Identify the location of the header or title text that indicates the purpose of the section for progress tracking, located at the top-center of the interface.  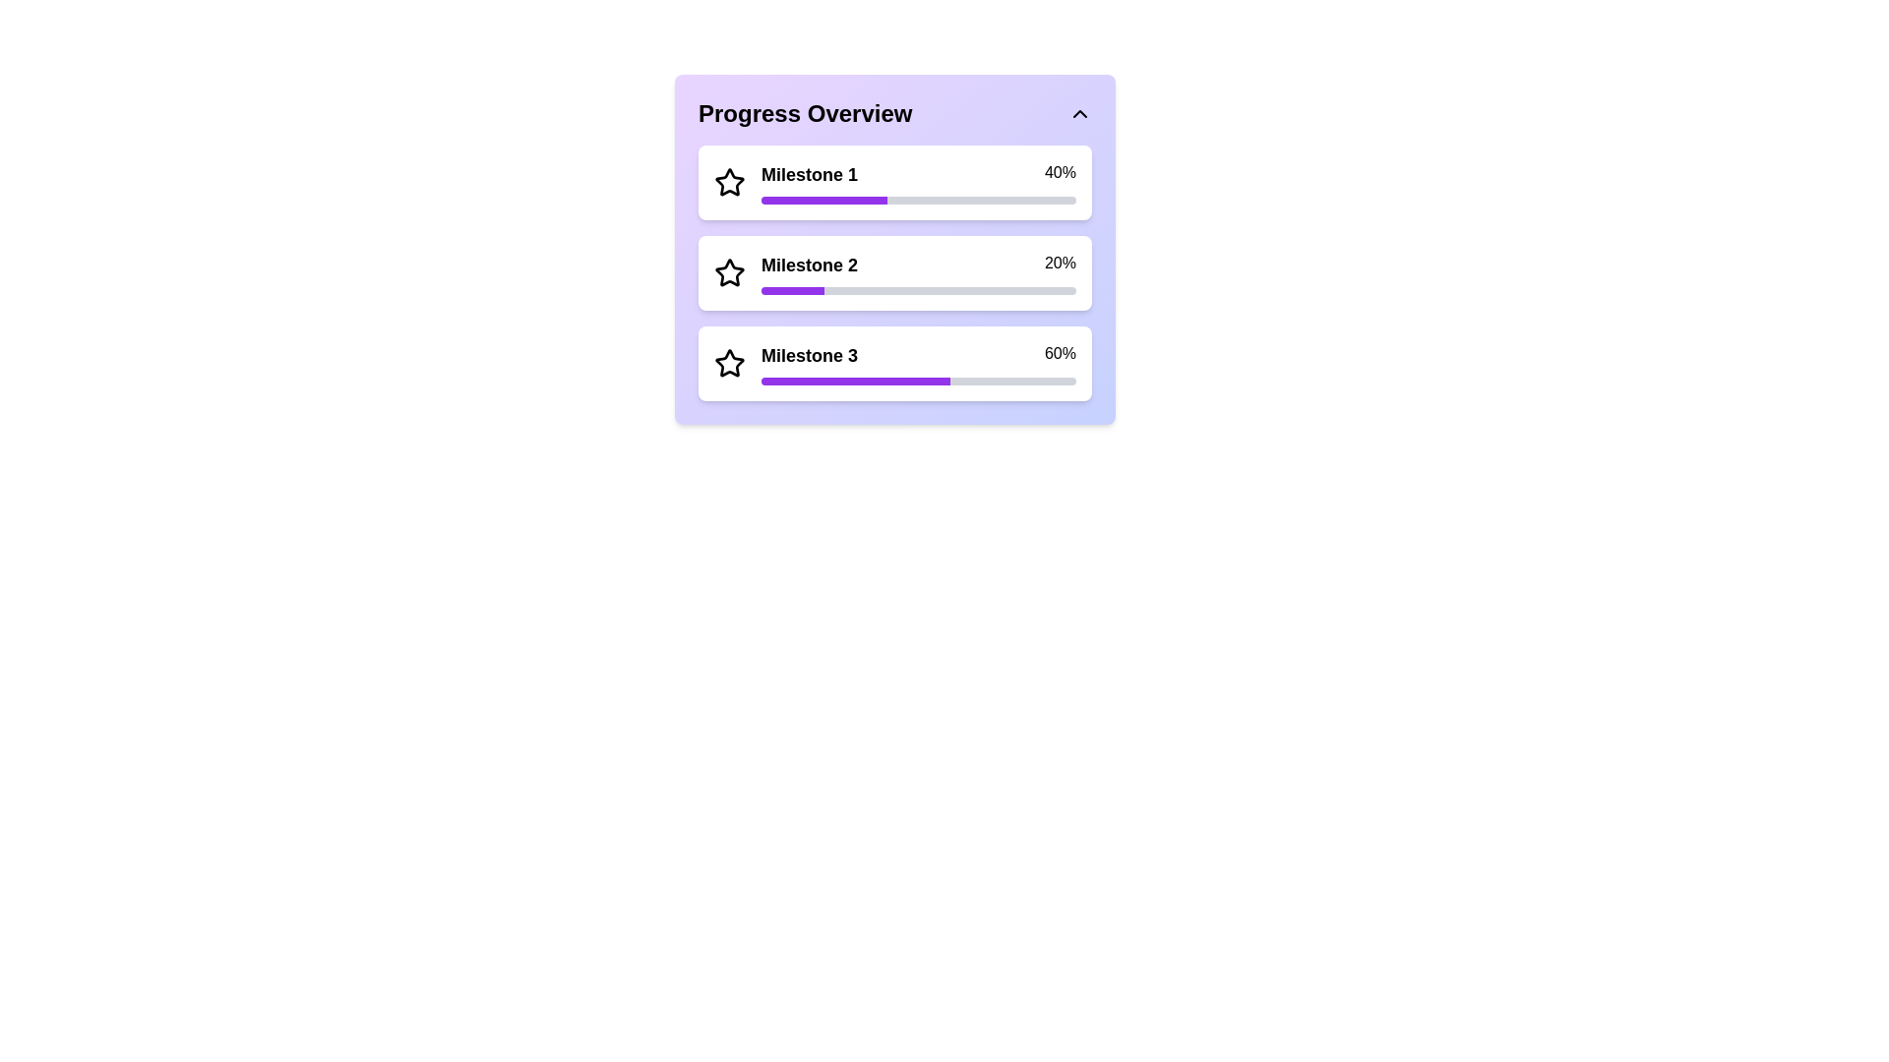
(805, 113).